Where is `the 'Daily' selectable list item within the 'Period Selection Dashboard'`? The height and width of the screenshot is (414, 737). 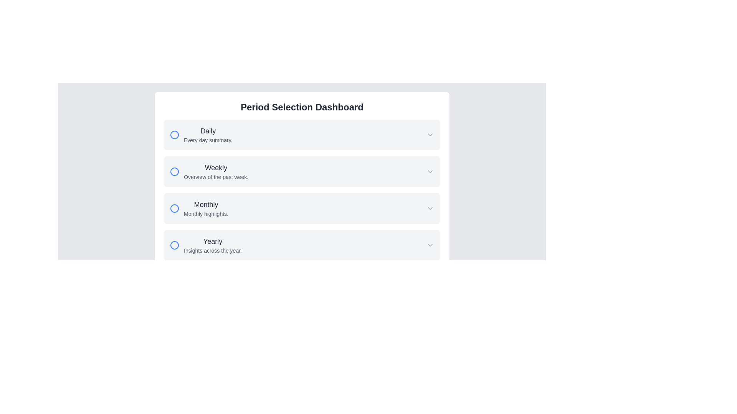 the 'Daily' selectable list item within the 'Period Selection Dashboard' is located at coordinates (302, 134).